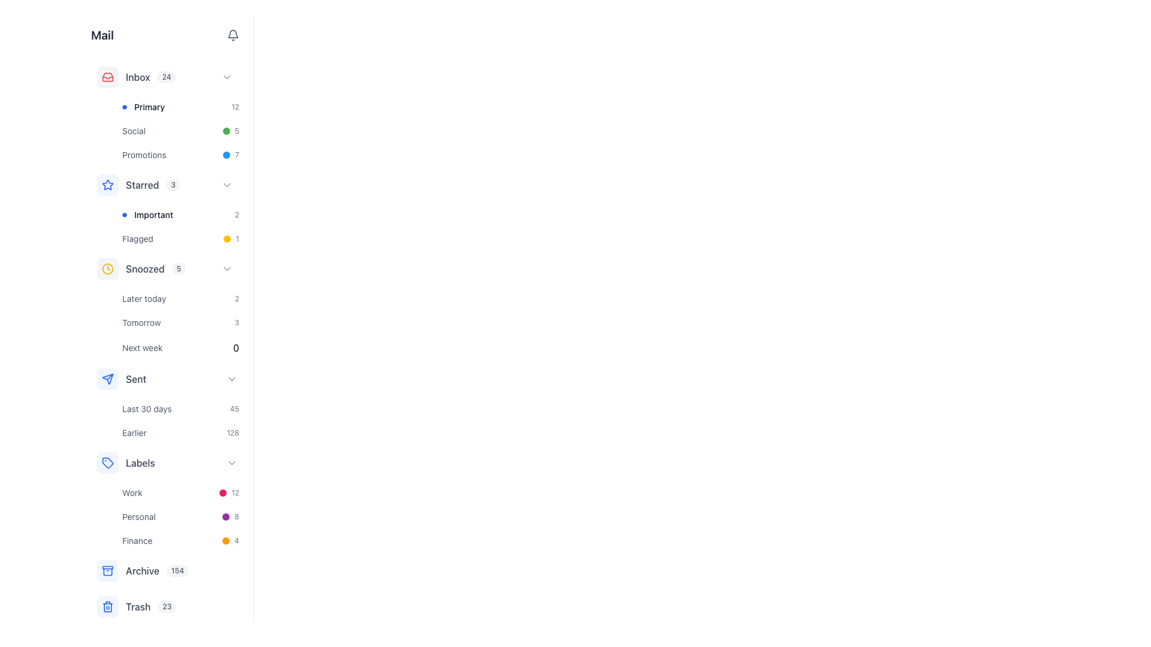 The height and width of the screenshot is (647, 1151). What do you see at coordinates (180, 516) in the screenshot?
I see `the 'Personal' list item` at bounding box center [180, 516].